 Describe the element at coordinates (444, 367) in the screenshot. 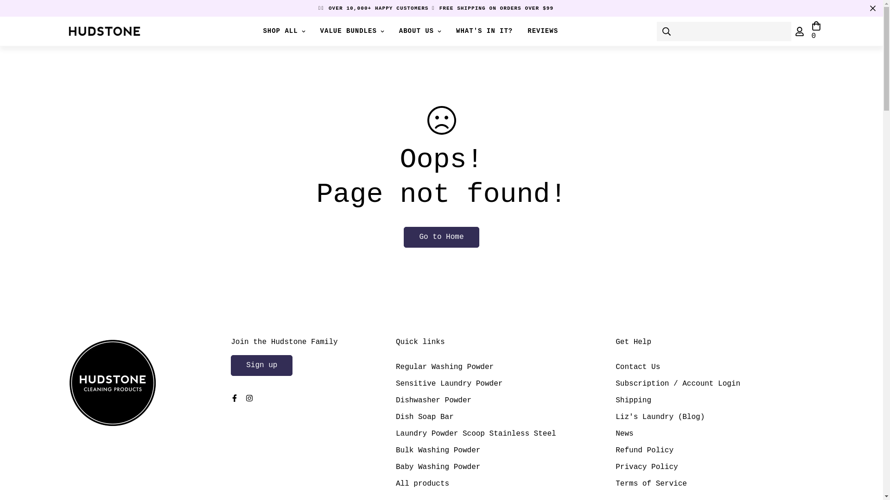

I see `'Regular Washing Powder'` at that location.